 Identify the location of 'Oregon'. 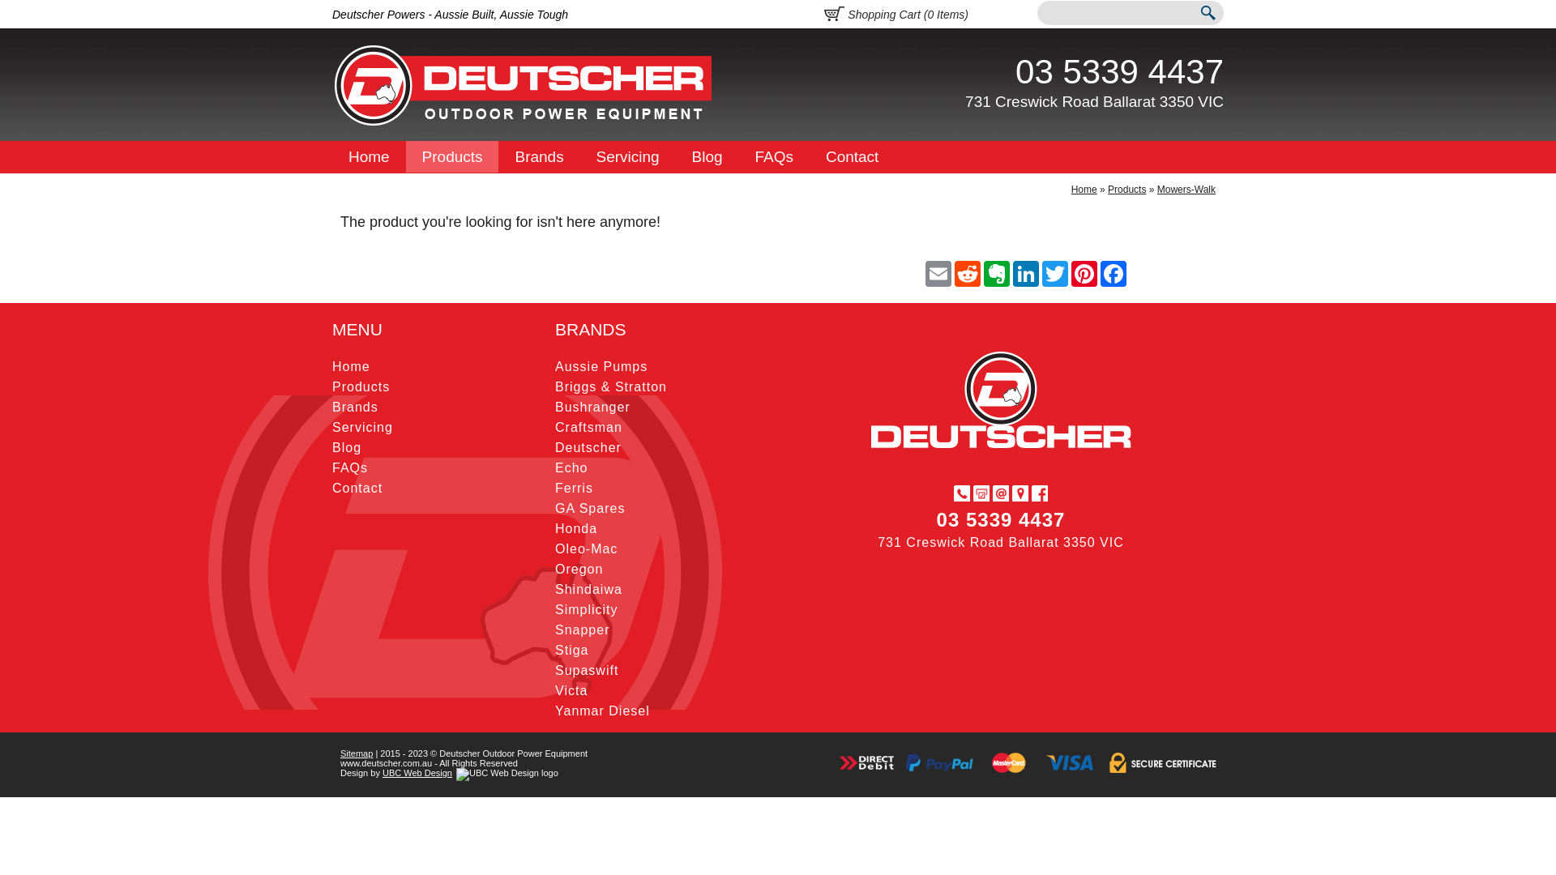
(555, 568).